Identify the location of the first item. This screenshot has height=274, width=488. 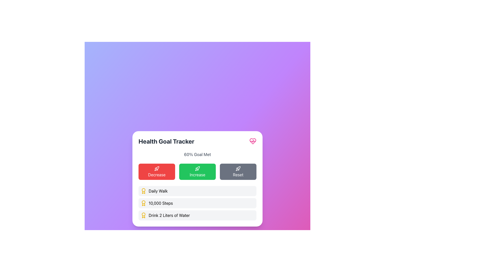
(197, 191).